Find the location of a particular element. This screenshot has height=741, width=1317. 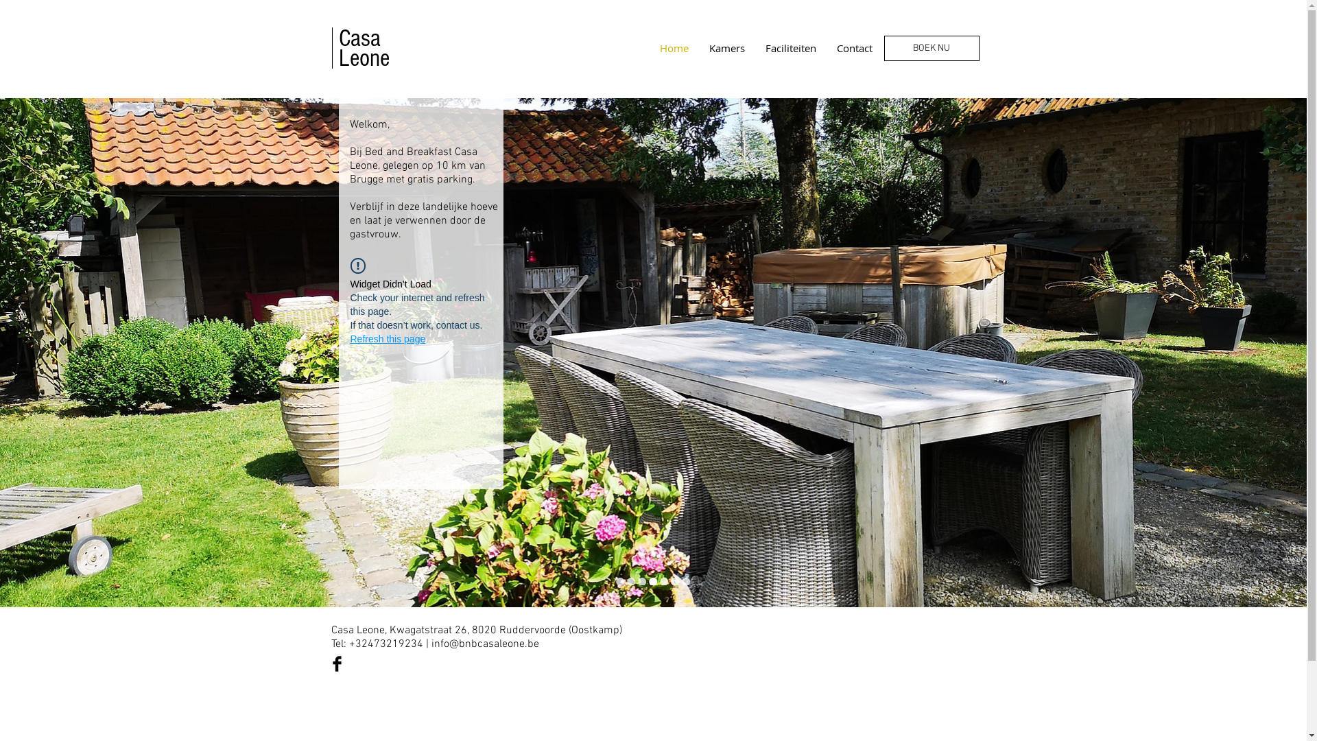

'Contact' is located at coordinates (853, 47).